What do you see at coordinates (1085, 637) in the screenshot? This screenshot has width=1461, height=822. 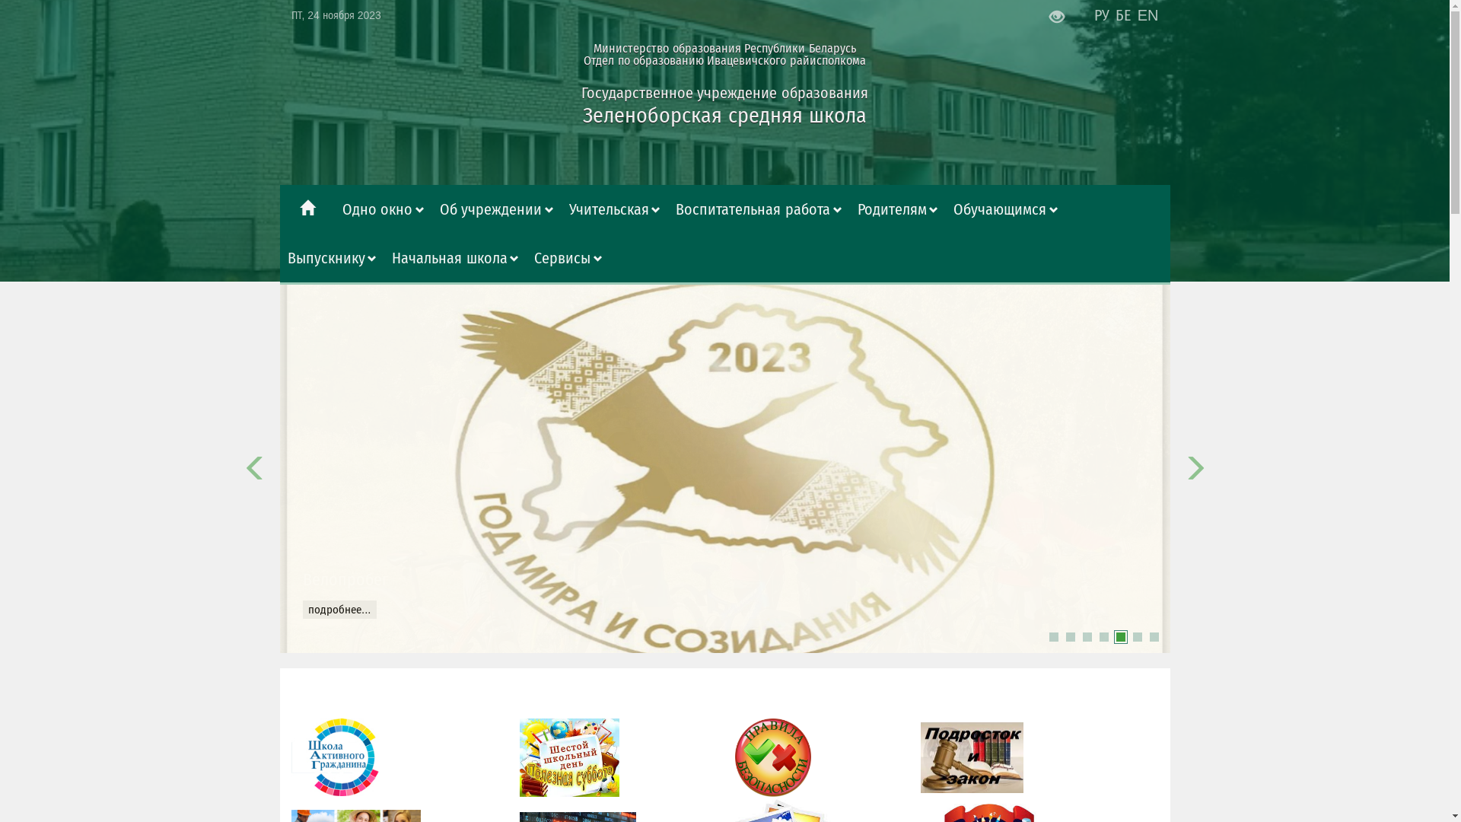 I see `'3'` at bounding box center [1085, 637].